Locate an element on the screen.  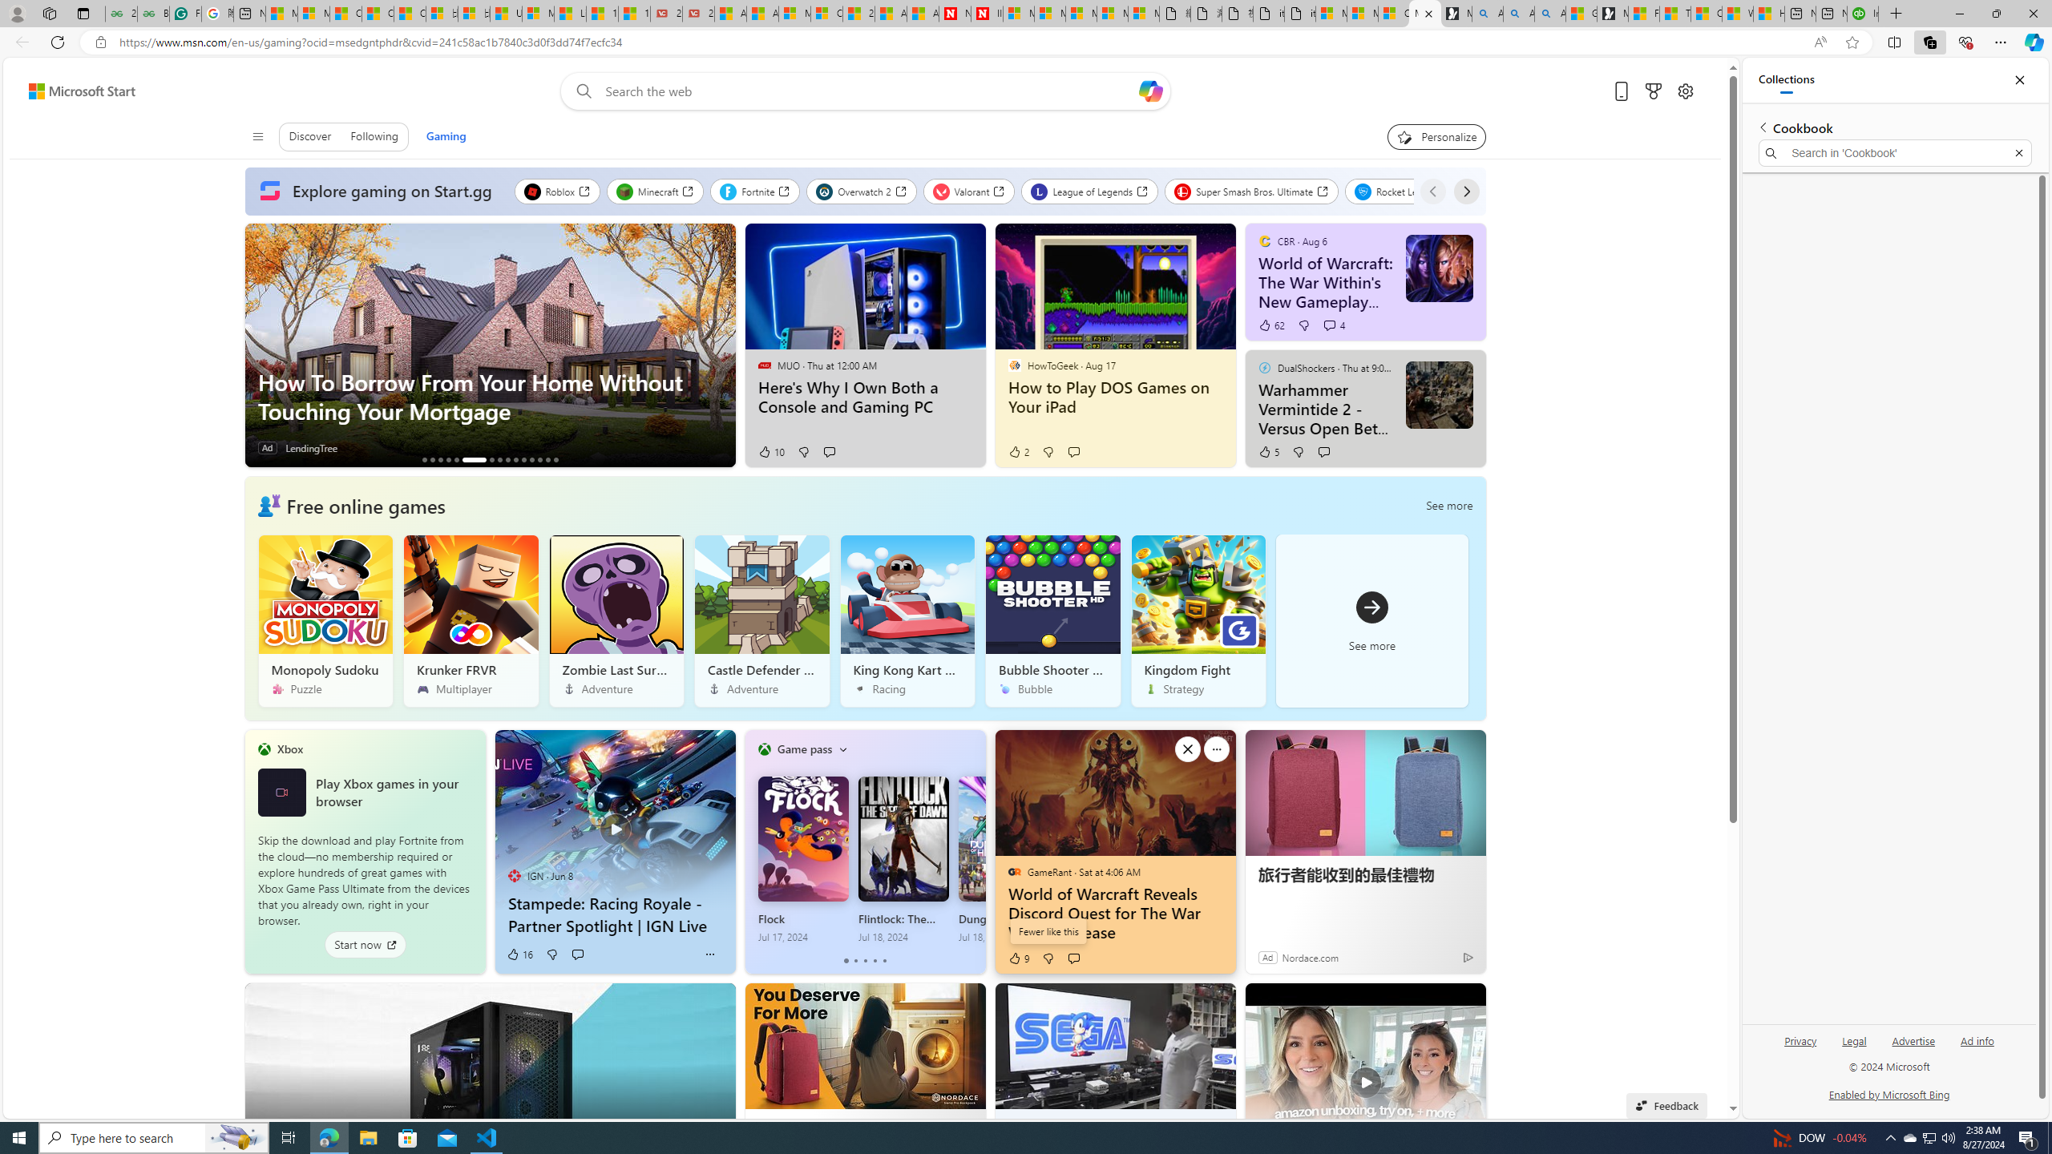
'Consumer Health Data Privacy Policy' is located at coordinates (1392, 13).